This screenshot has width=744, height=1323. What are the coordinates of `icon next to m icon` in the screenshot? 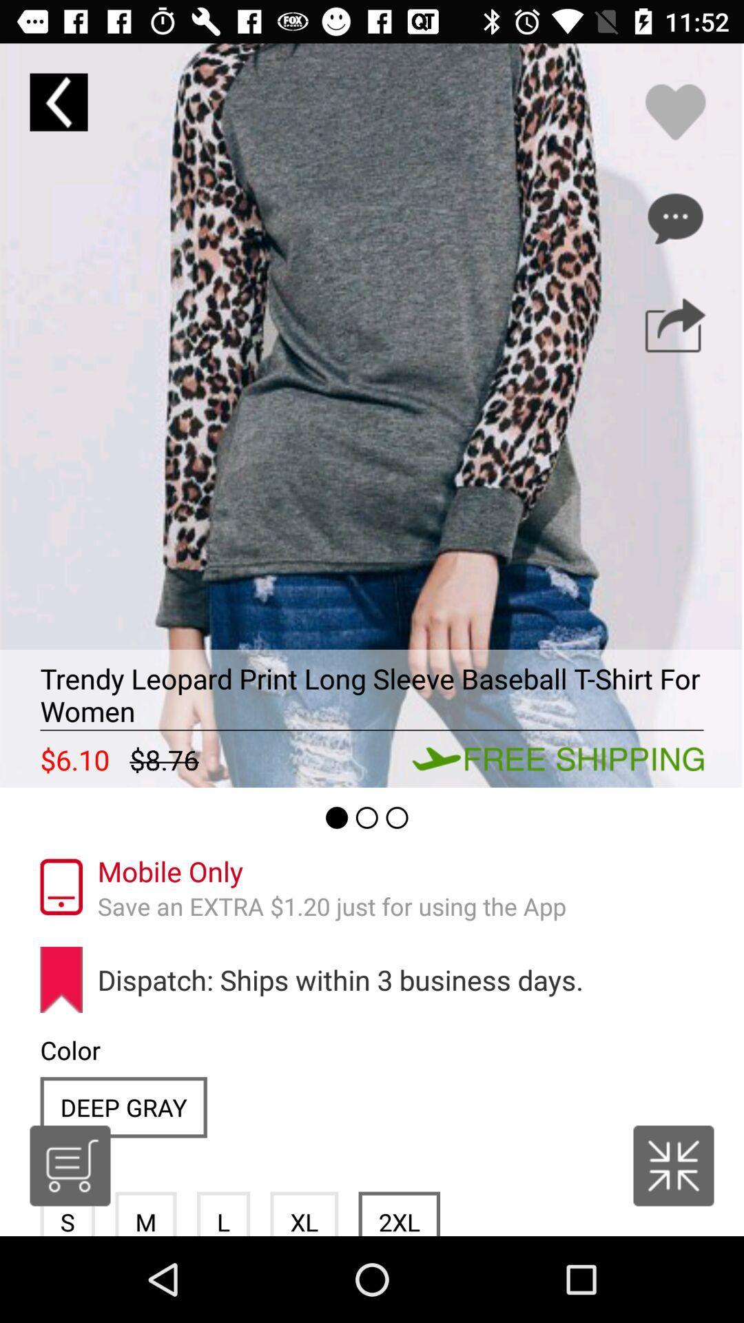 It's located at (70, 1165).